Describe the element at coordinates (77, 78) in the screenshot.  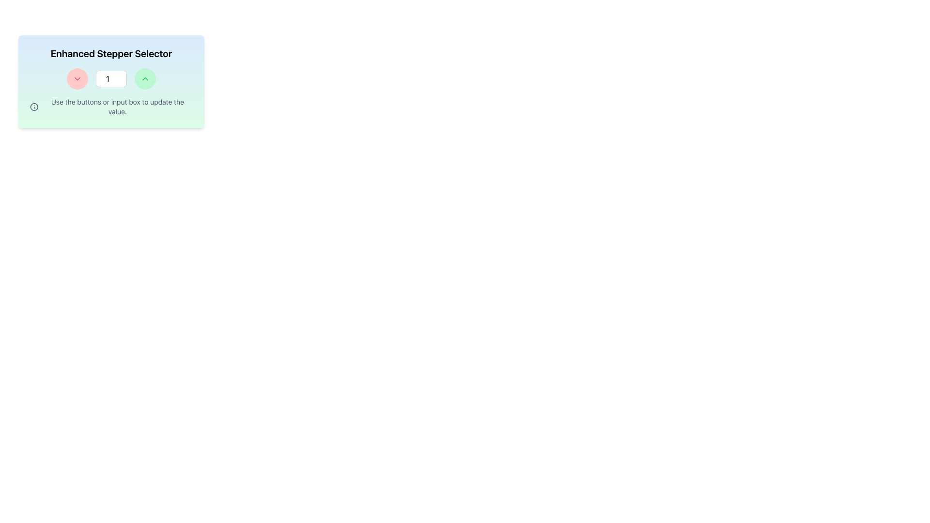
I see `the icon within the button that decreases the current value in the stepper selector, located at the center of the leftmost control` at that location.